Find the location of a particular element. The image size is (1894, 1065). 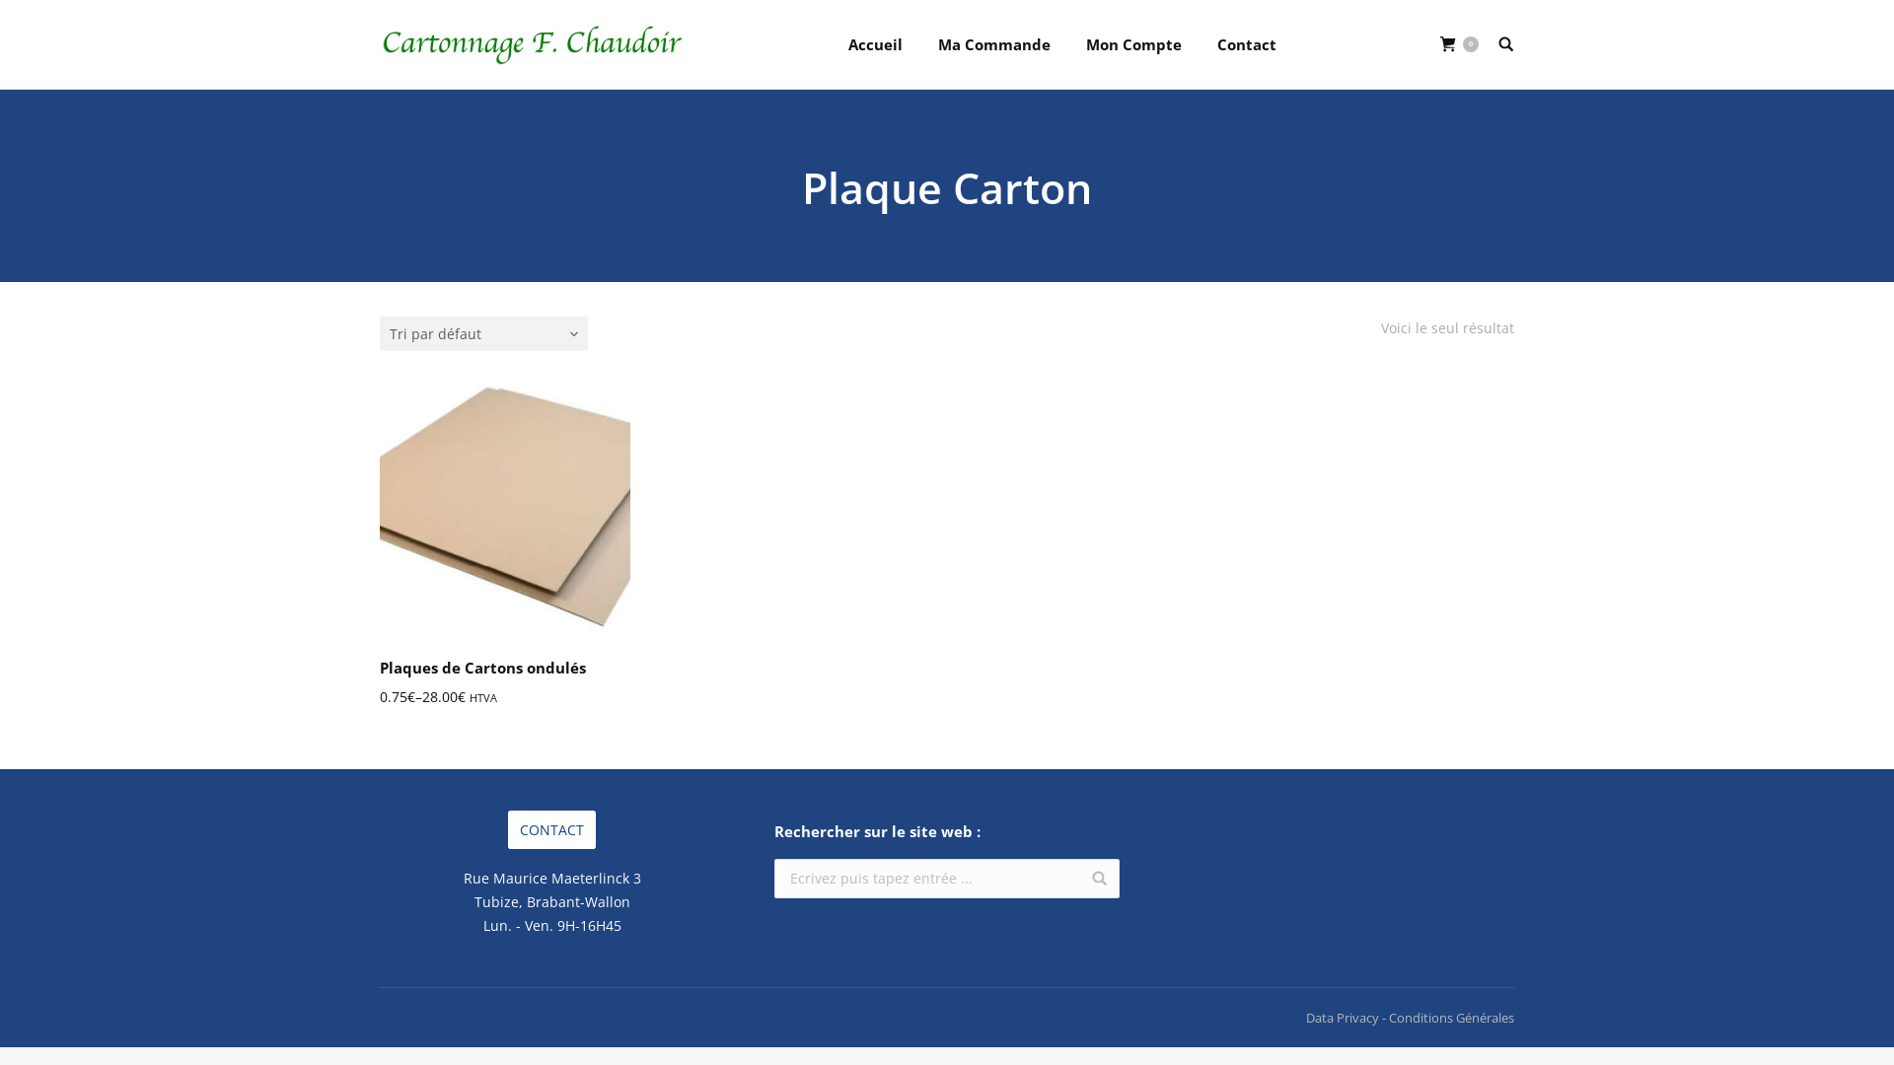

'Accueil' is located at coordinates (874, 44).